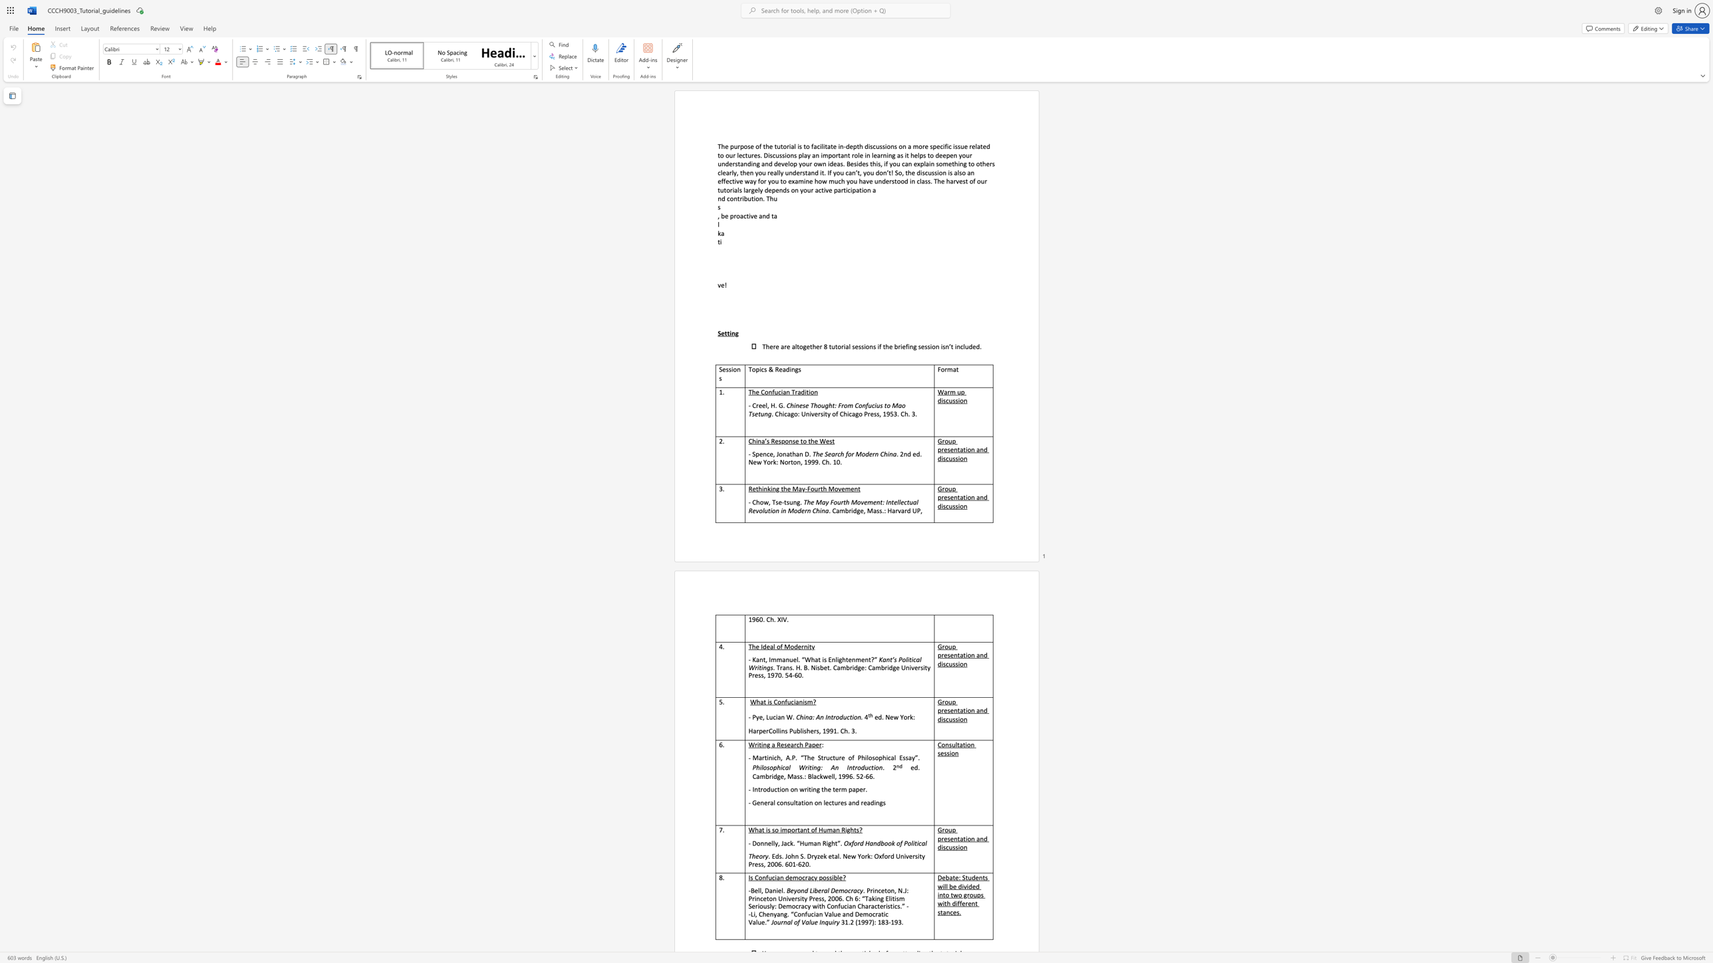 This screenshot has width=1713, height=963. What do you see at coordinates (772, 646) in the screenshot?
I see `the subset text "l of Modern" within the text "The Ideal of Modernity"` at bounding box center [772, 646].